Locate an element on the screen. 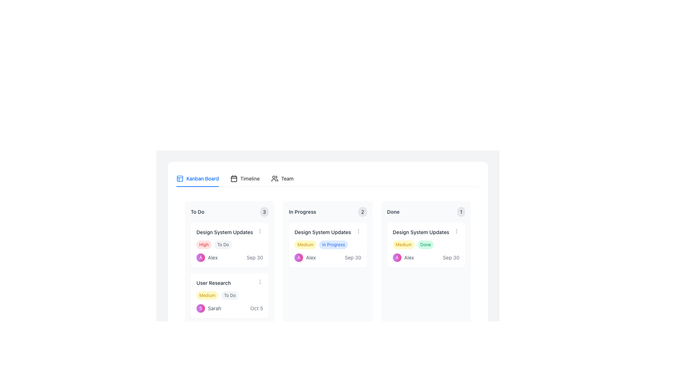 This screenshot has width=687, height=386. the 'Timeline' tab, which is the second tab in the horizontal list, styled with a calendar icon and the text 'Timeline' is located at coordinates (245, 178).